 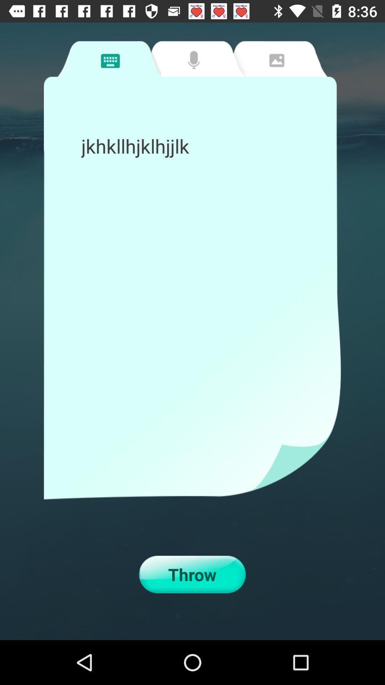 I want to click on type a message, so click(x=109, y=59).